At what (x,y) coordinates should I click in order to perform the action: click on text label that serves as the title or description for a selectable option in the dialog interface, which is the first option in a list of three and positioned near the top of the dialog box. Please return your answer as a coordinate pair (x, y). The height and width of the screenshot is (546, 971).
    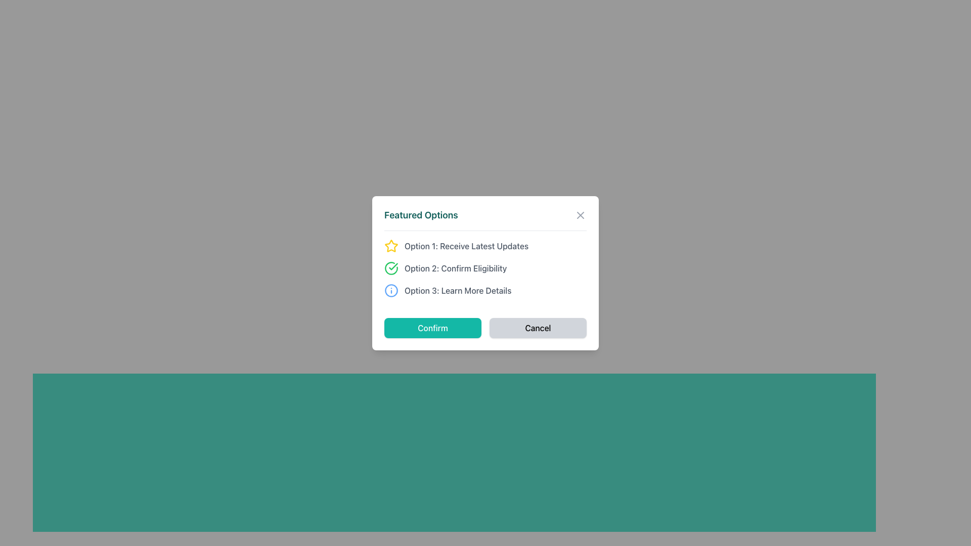
    Looking at the image, I should click on (466, 246).